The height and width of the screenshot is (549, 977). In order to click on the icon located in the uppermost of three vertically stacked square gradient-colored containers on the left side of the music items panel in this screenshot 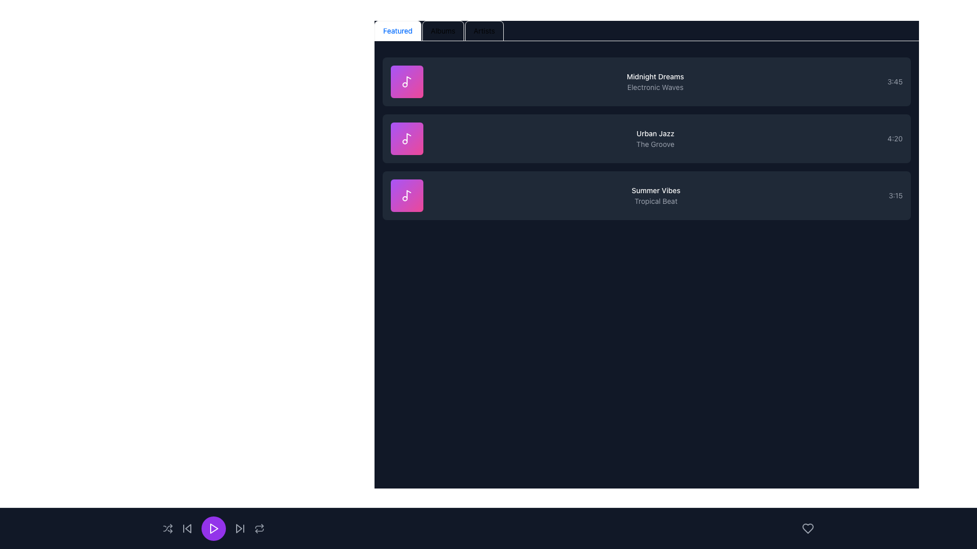, I will do `click(407, 81)`.